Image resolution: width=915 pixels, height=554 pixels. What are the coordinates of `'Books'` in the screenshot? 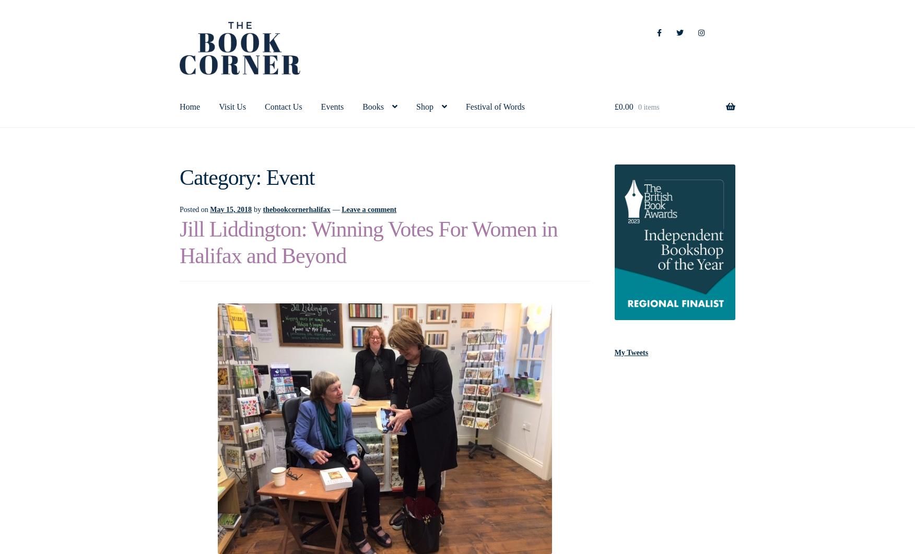 It's located at (372, 105).